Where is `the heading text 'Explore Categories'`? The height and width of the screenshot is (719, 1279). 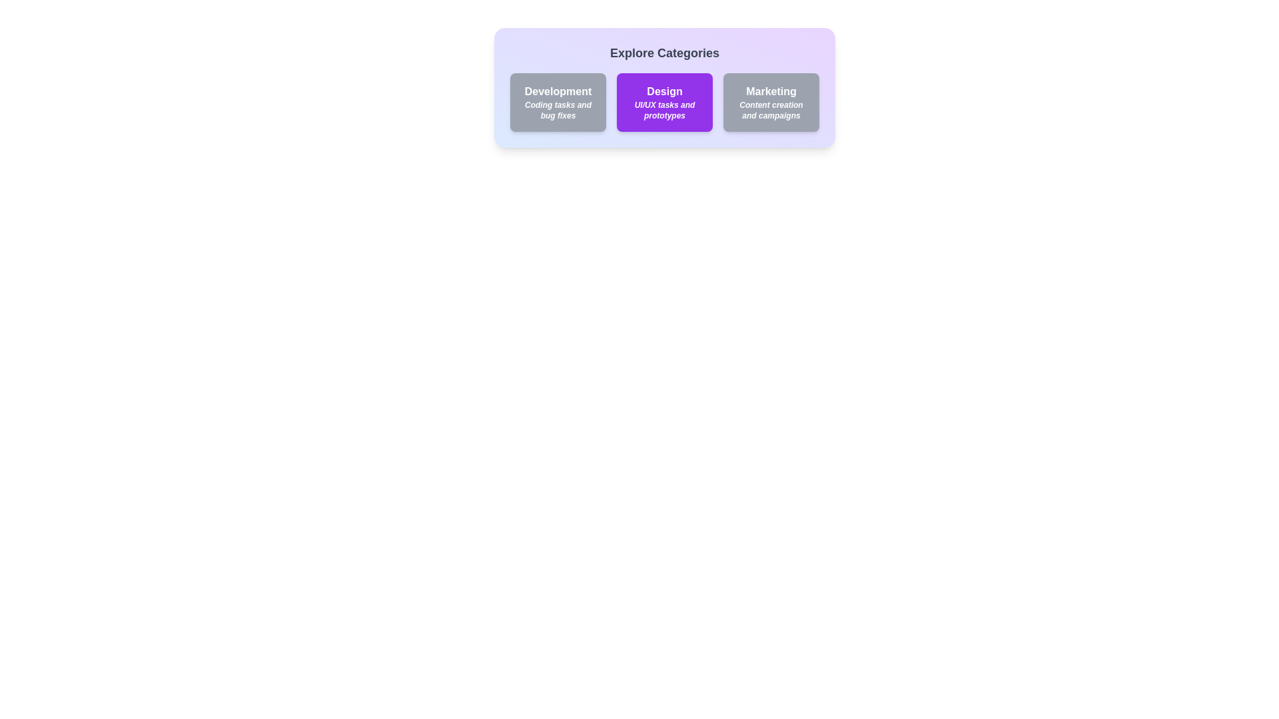
the heading text 'Explore Categories' is located at coordinates (665, 53).